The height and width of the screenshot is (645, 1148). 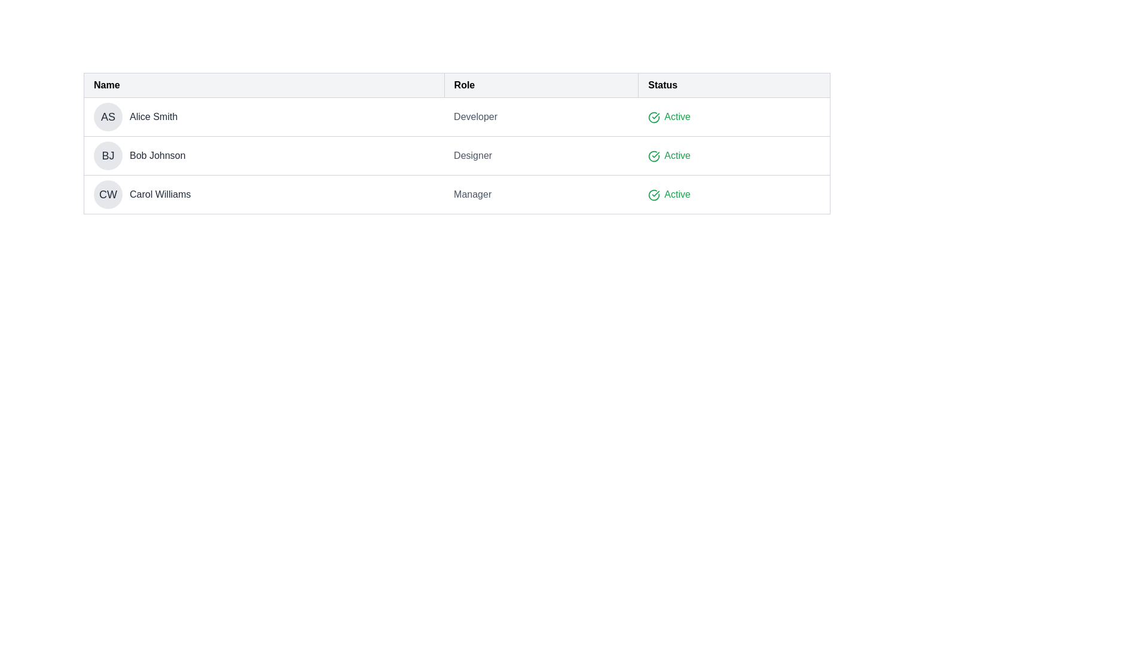 I want to click on the circular badge with the initials 'CW' in bold, located in the third row of the 'Name' column, before the name 'Carol Williams', so click(x=108, y=194).